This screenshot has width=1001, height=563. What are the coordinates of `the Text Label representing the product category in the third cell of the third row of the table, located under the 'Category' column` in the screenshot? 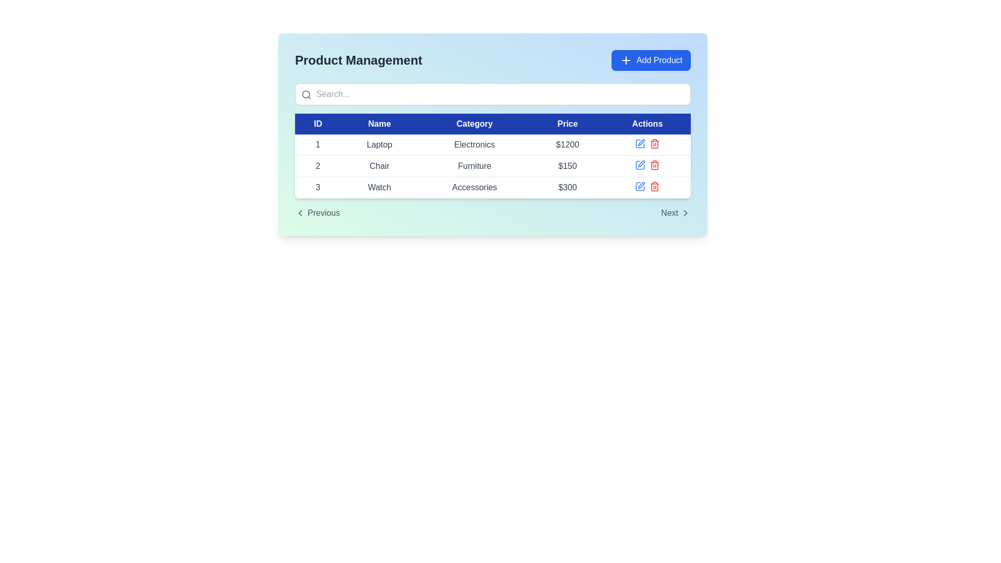 It's located at (474, 187).